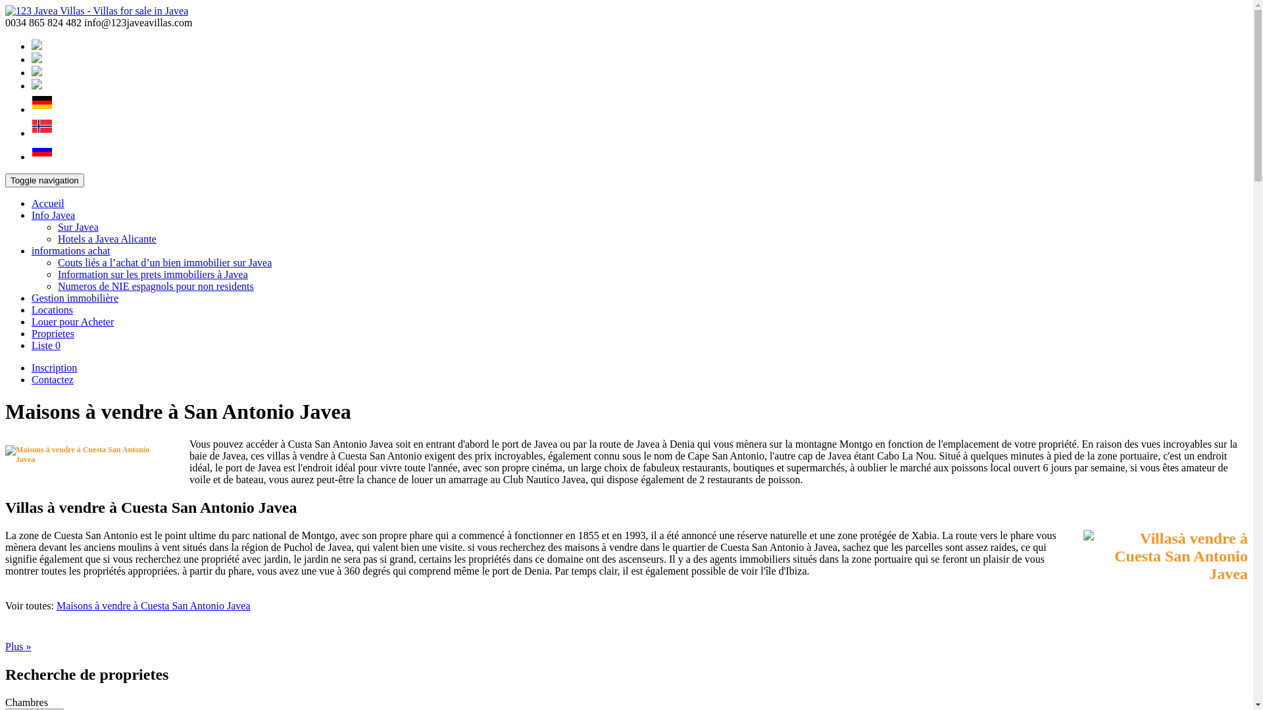  Describe the element at coordinates (41, 108) in the screenshot. I see `'German'` at that location.